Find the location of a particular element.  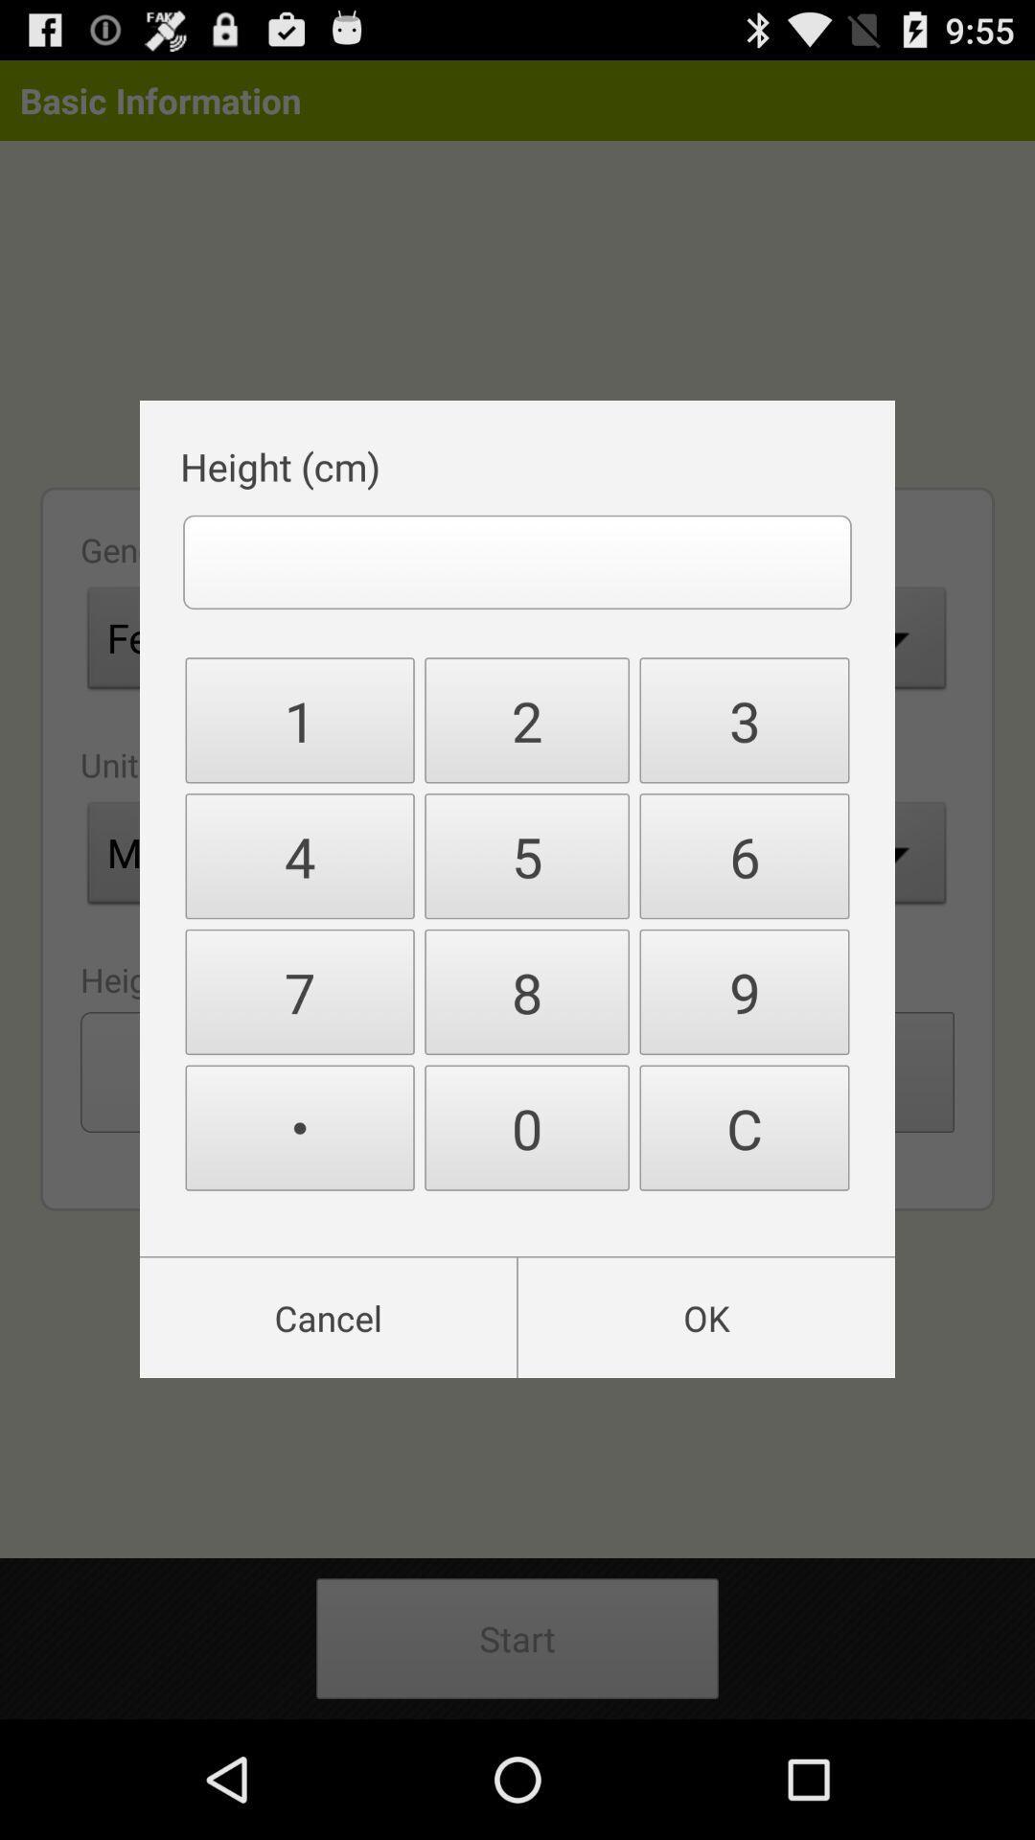

the item above the 7 is located at coordinates (300, 855).